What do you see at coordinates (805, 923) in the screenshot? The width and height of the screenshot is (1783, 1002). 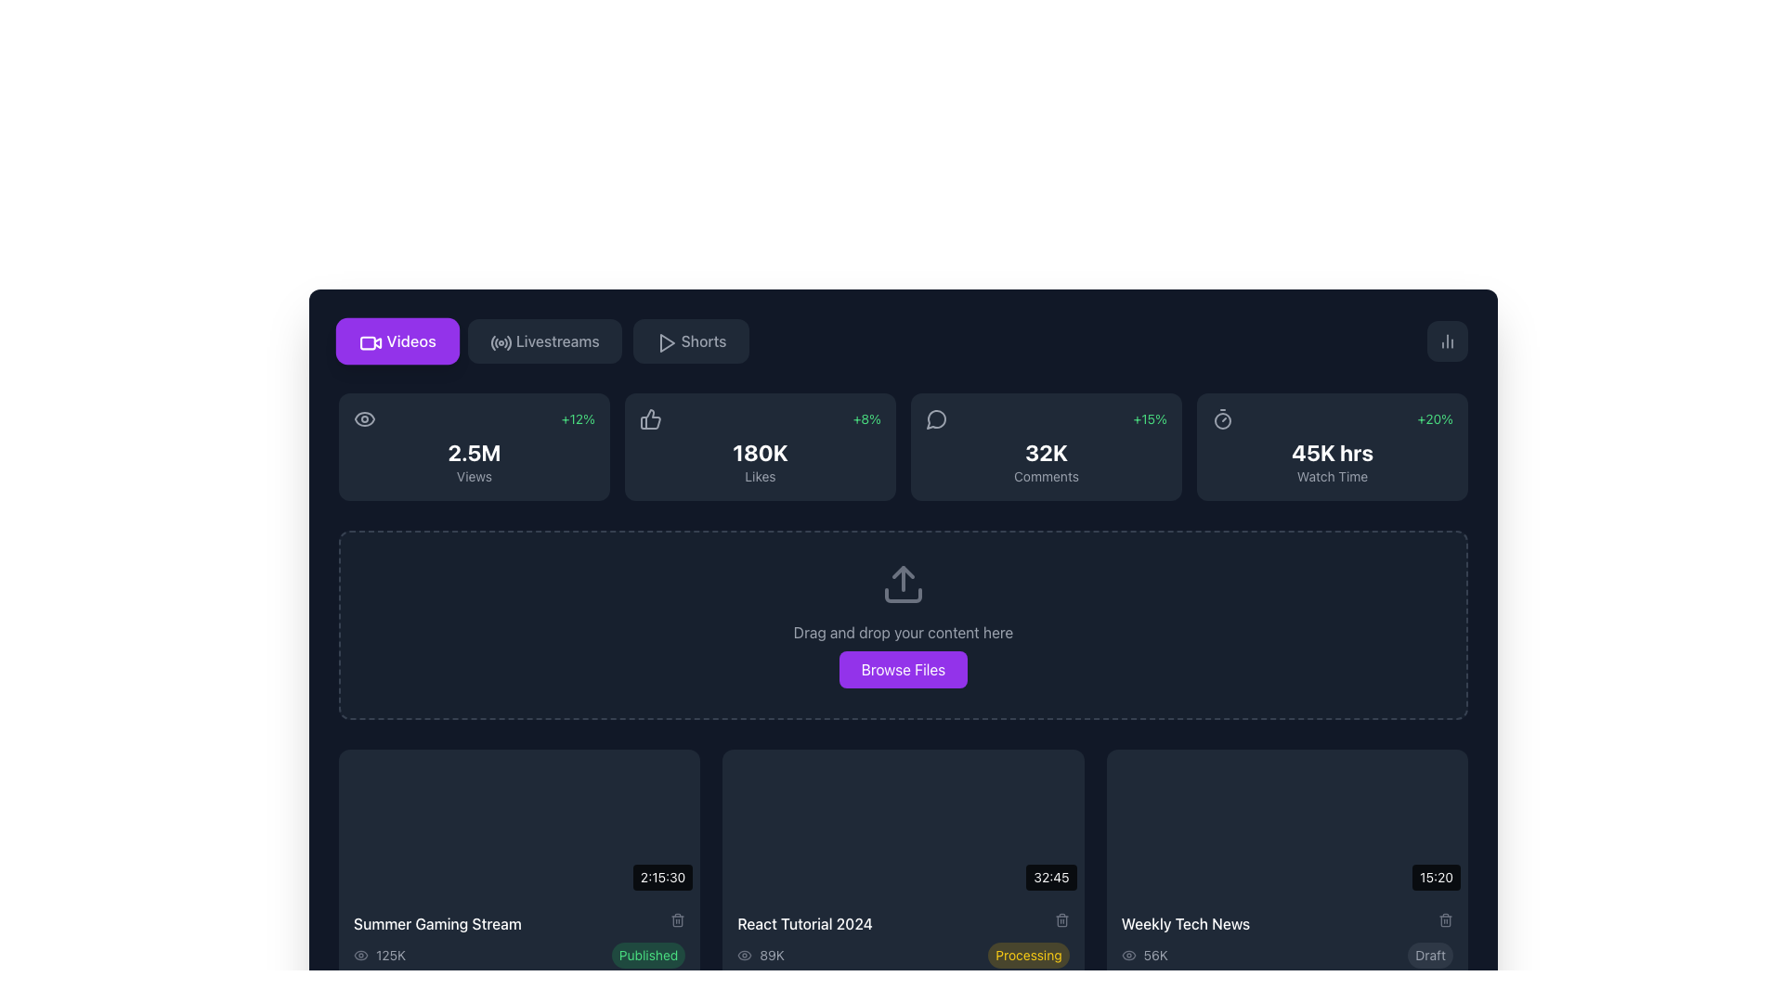 I see `the Text Label displaying 'React Tutorial 2024' which is in bold white font on a dark background, located in the lower section of the layout within a card-like component` at bounding box center [805, 923].